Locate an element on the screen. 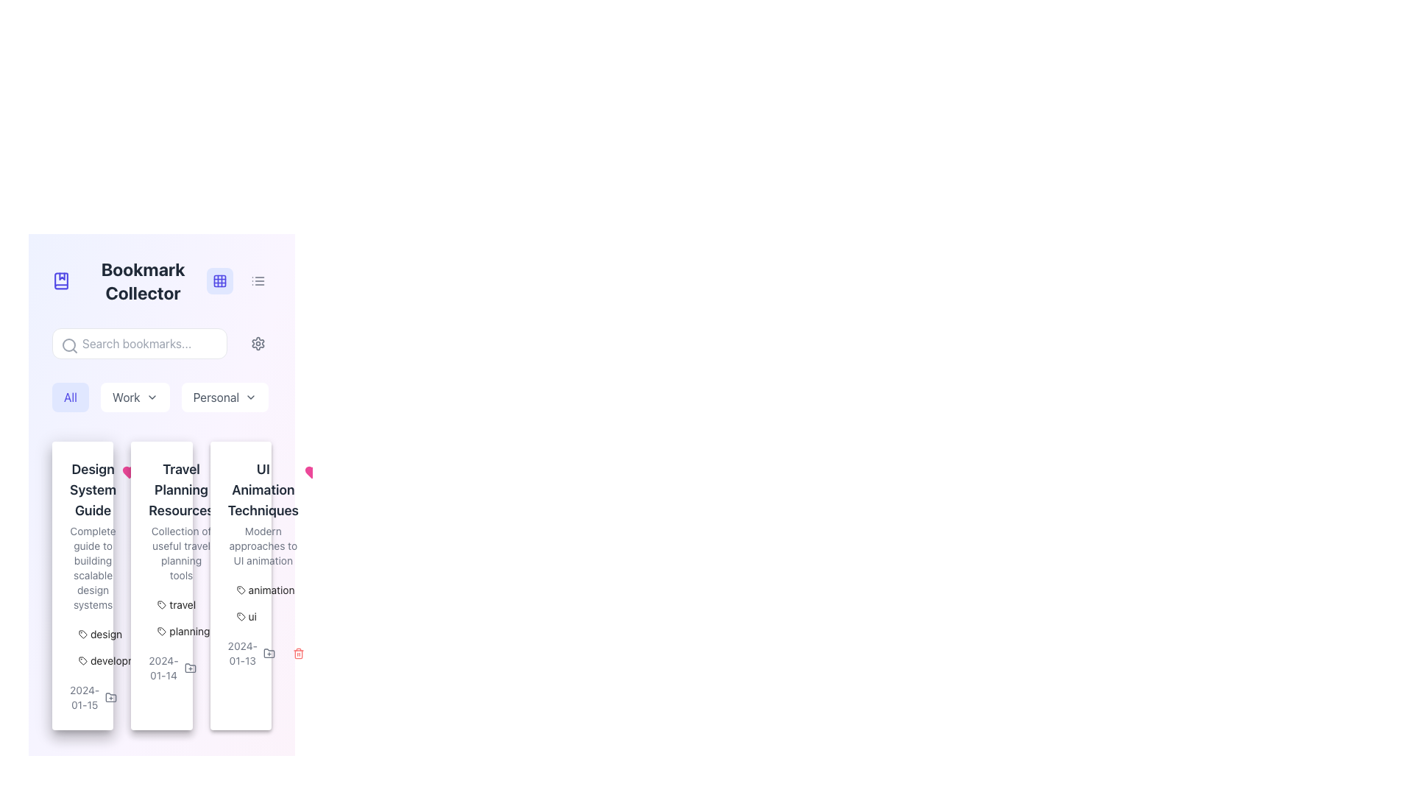 This screenshot has height=795, width=1413. the downward-facing chevron icon located on the right side of the 'Work' button within the filter section below the 'Bookmark Collector' header is located at coordinates (152, 397).